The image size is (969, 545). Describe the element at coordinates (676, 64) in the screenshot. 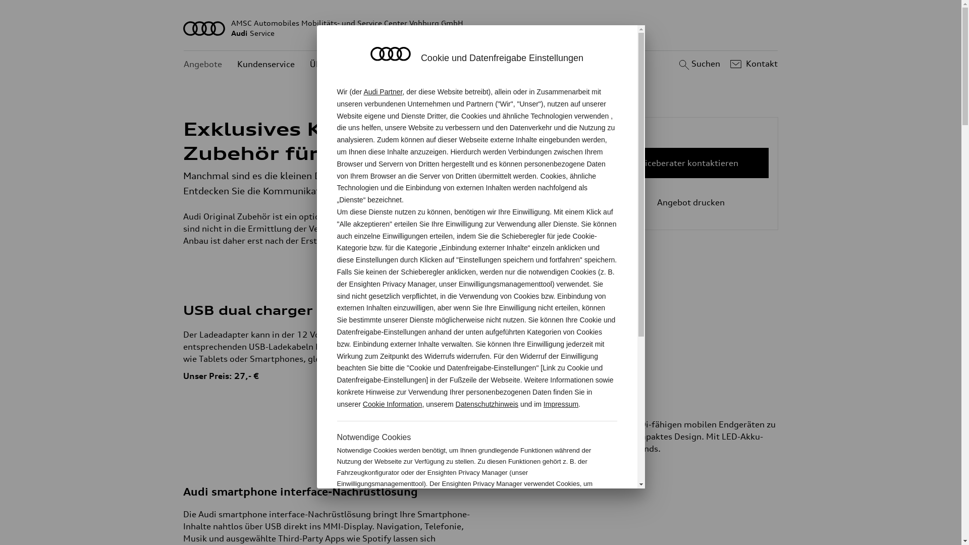

I see `'Suchen'` at that location.